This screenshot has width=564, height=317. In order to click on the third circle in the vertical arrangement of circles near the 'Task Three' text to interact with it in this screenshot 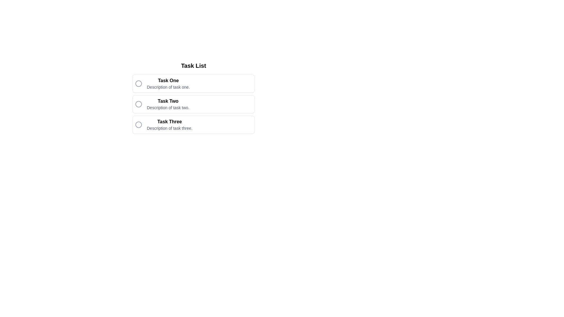, I will do `click(138, 124)`.